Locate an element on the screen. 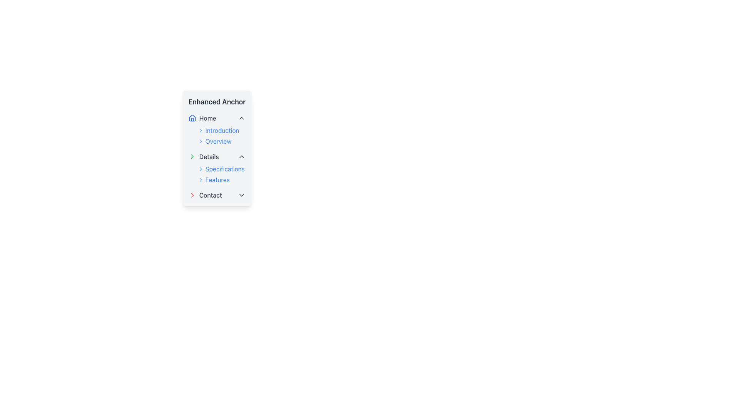 This screenshot has height=416, width=739. the chevron icon located in the navigation menu next to the 'Specifications' label is located at coordinates (201, 169).